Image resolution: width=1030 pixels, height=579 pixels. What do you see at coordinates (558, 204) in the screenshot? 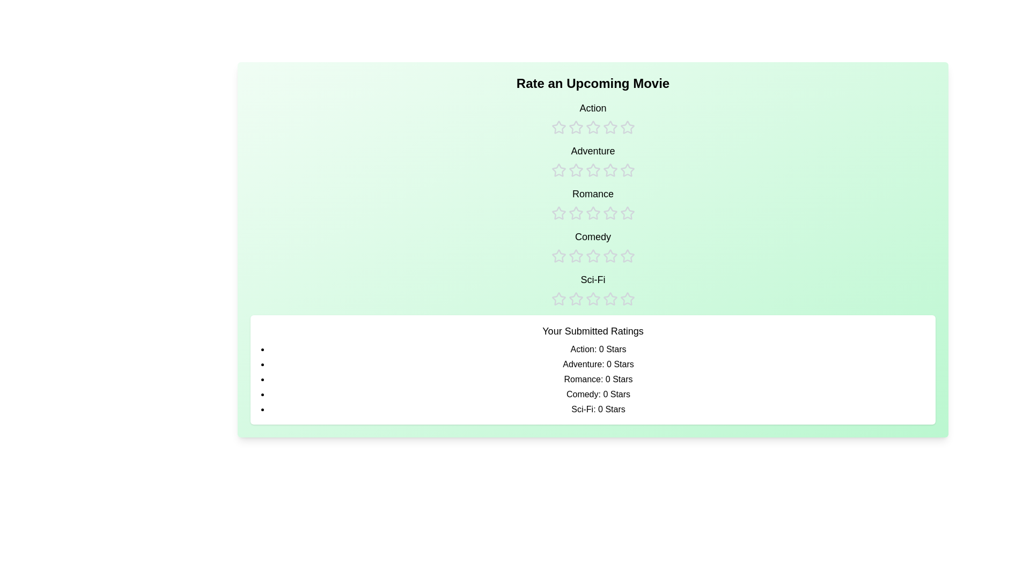
I see `the rating for the Romance category to 1 stars` at bounding box center [558, 204].